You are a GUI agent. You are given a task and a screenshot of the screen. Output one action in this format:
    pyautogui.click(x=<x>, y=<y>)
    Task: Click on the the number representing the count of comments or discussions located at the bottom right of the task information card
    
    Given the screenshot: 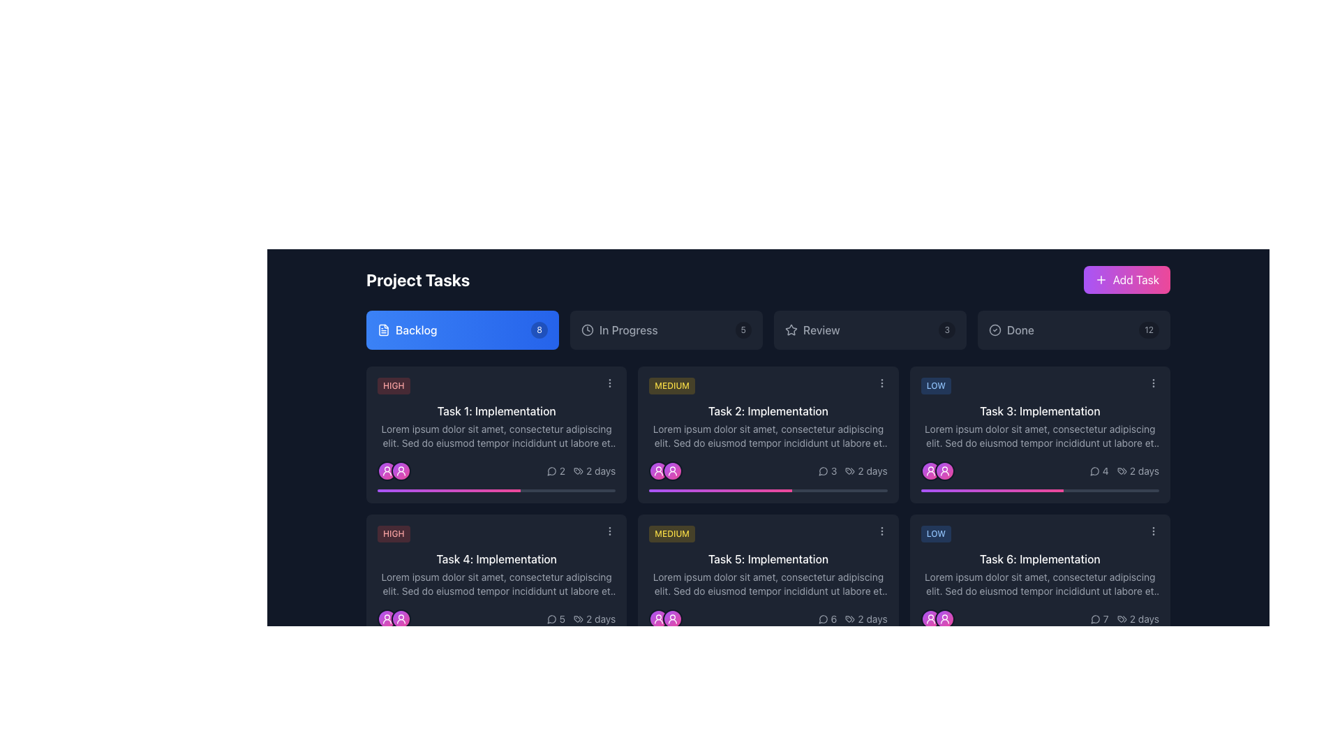 What is the action you would take?
    pyautogui.click(x=562, y=471)
    